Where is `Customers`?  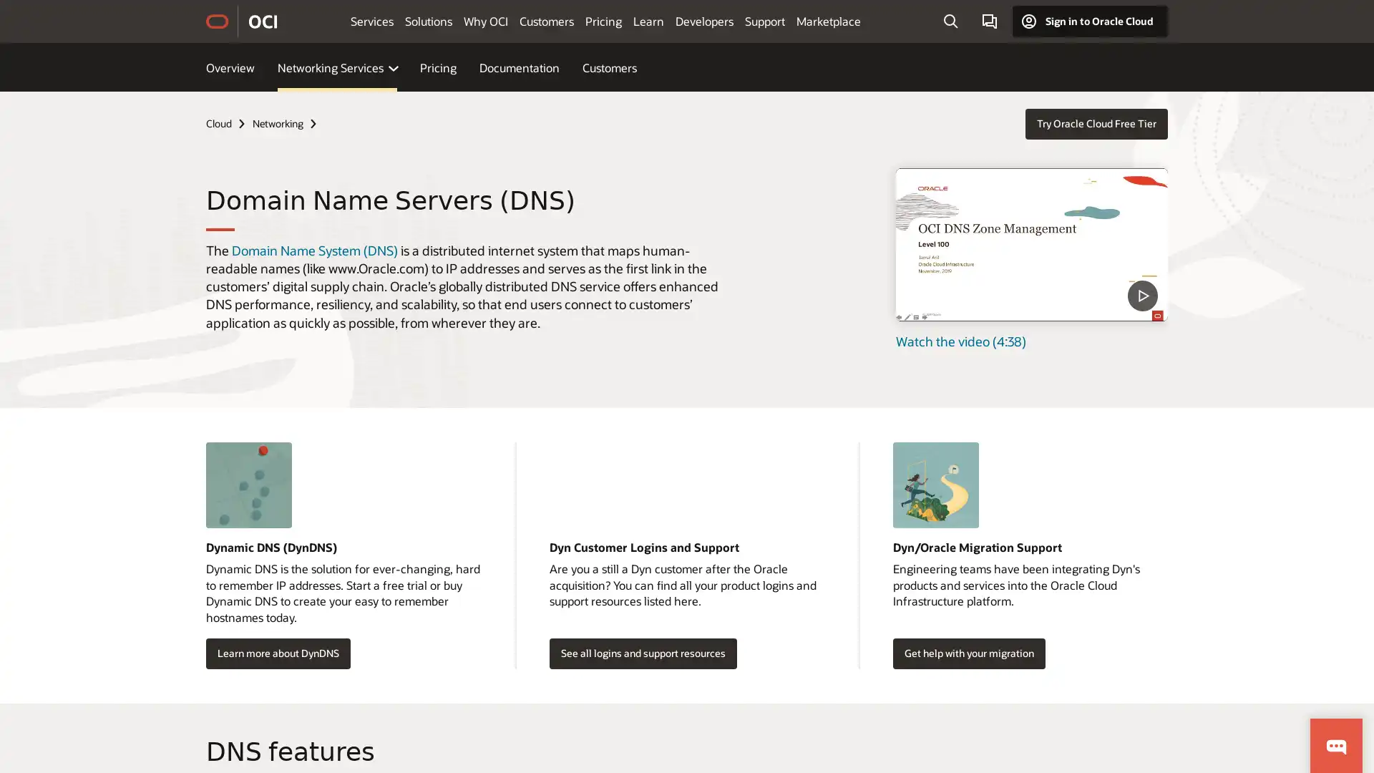
Customers is located at coordinates (545, 21).